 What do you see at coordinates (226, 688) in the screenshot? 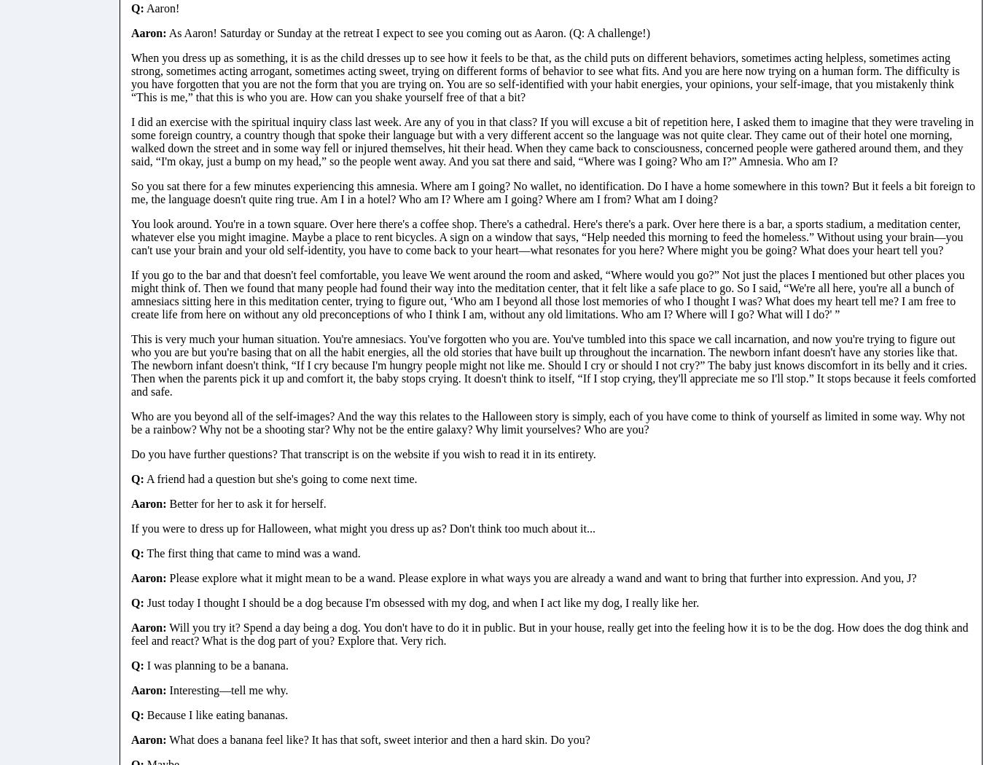
I see `'Interesting—tell me why.'` at bounding box center [226, 688].